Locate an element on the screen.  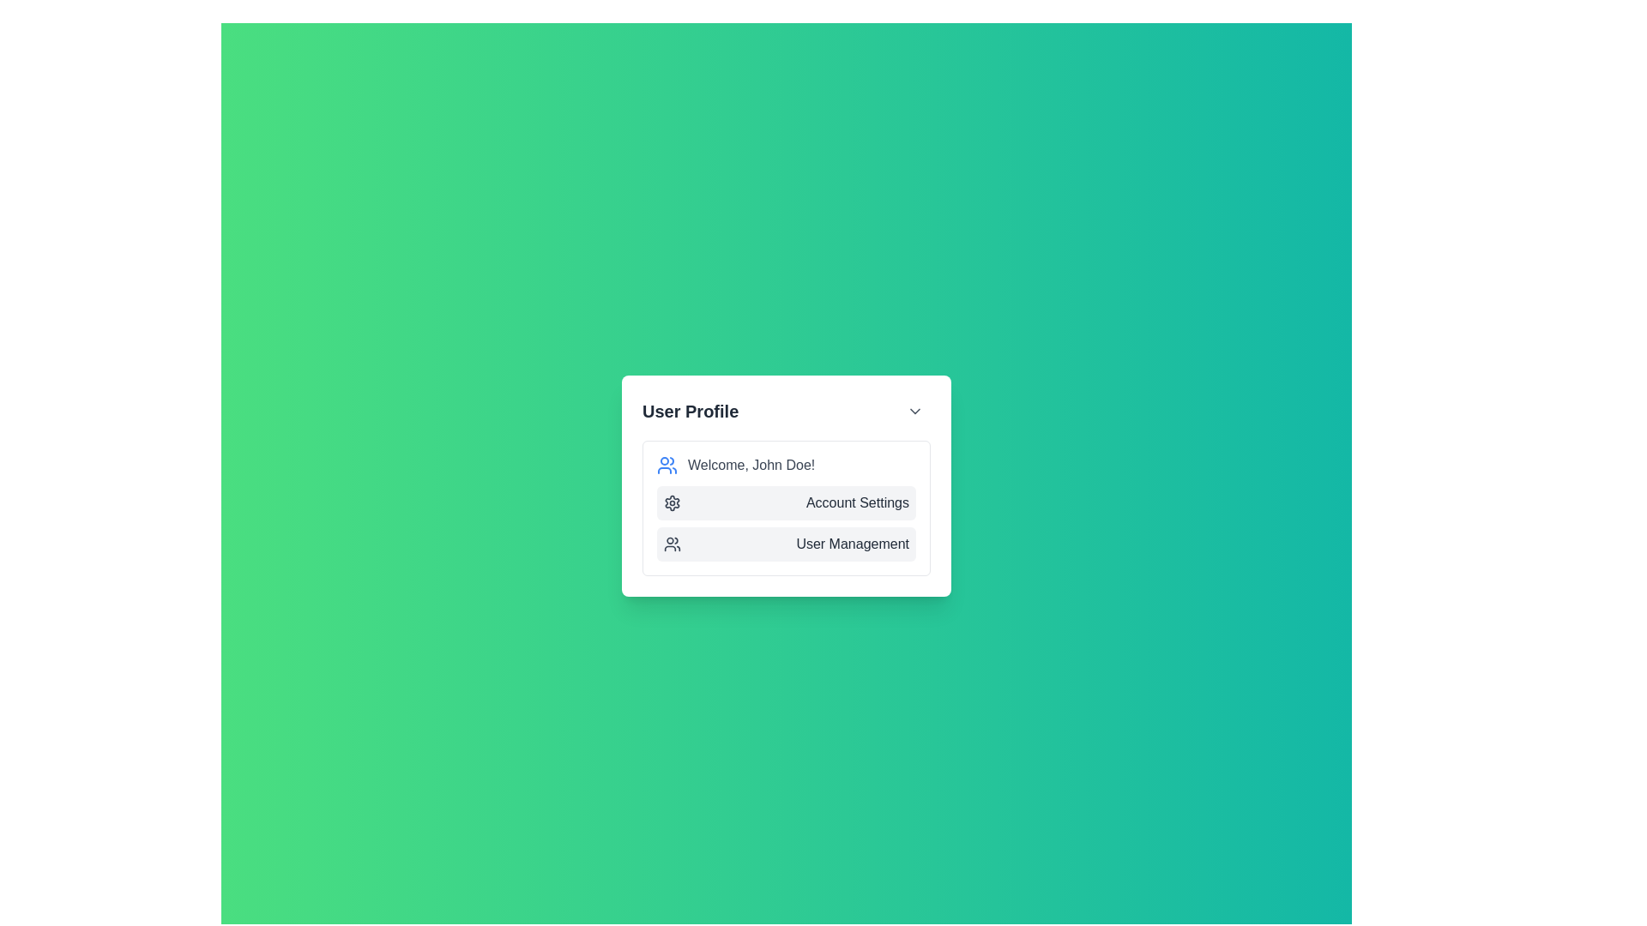
the user-related content icon located to the left of the text 'Welcome, John Doe!' within the 'User Profile' card widget is located at coordinates (666, 466).